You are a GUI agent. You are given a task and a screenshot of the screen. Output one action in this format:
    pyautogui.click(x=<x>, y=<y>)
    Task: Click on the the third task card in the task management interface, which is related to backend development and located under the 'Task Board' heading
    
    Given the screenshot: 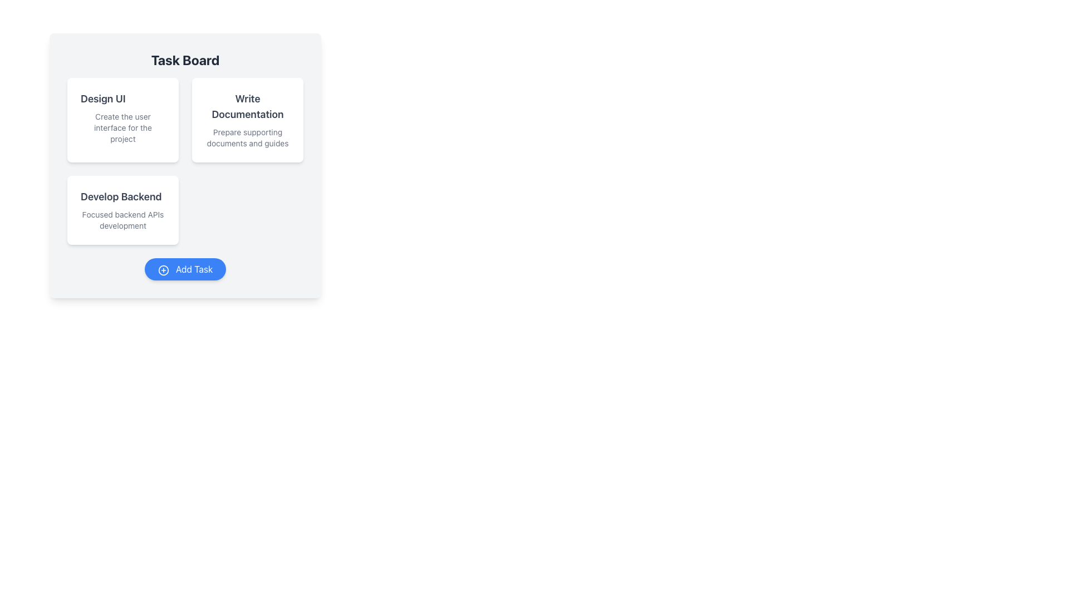 What is the action you would take?
    pyautogui.click(x=122, y=210)
    